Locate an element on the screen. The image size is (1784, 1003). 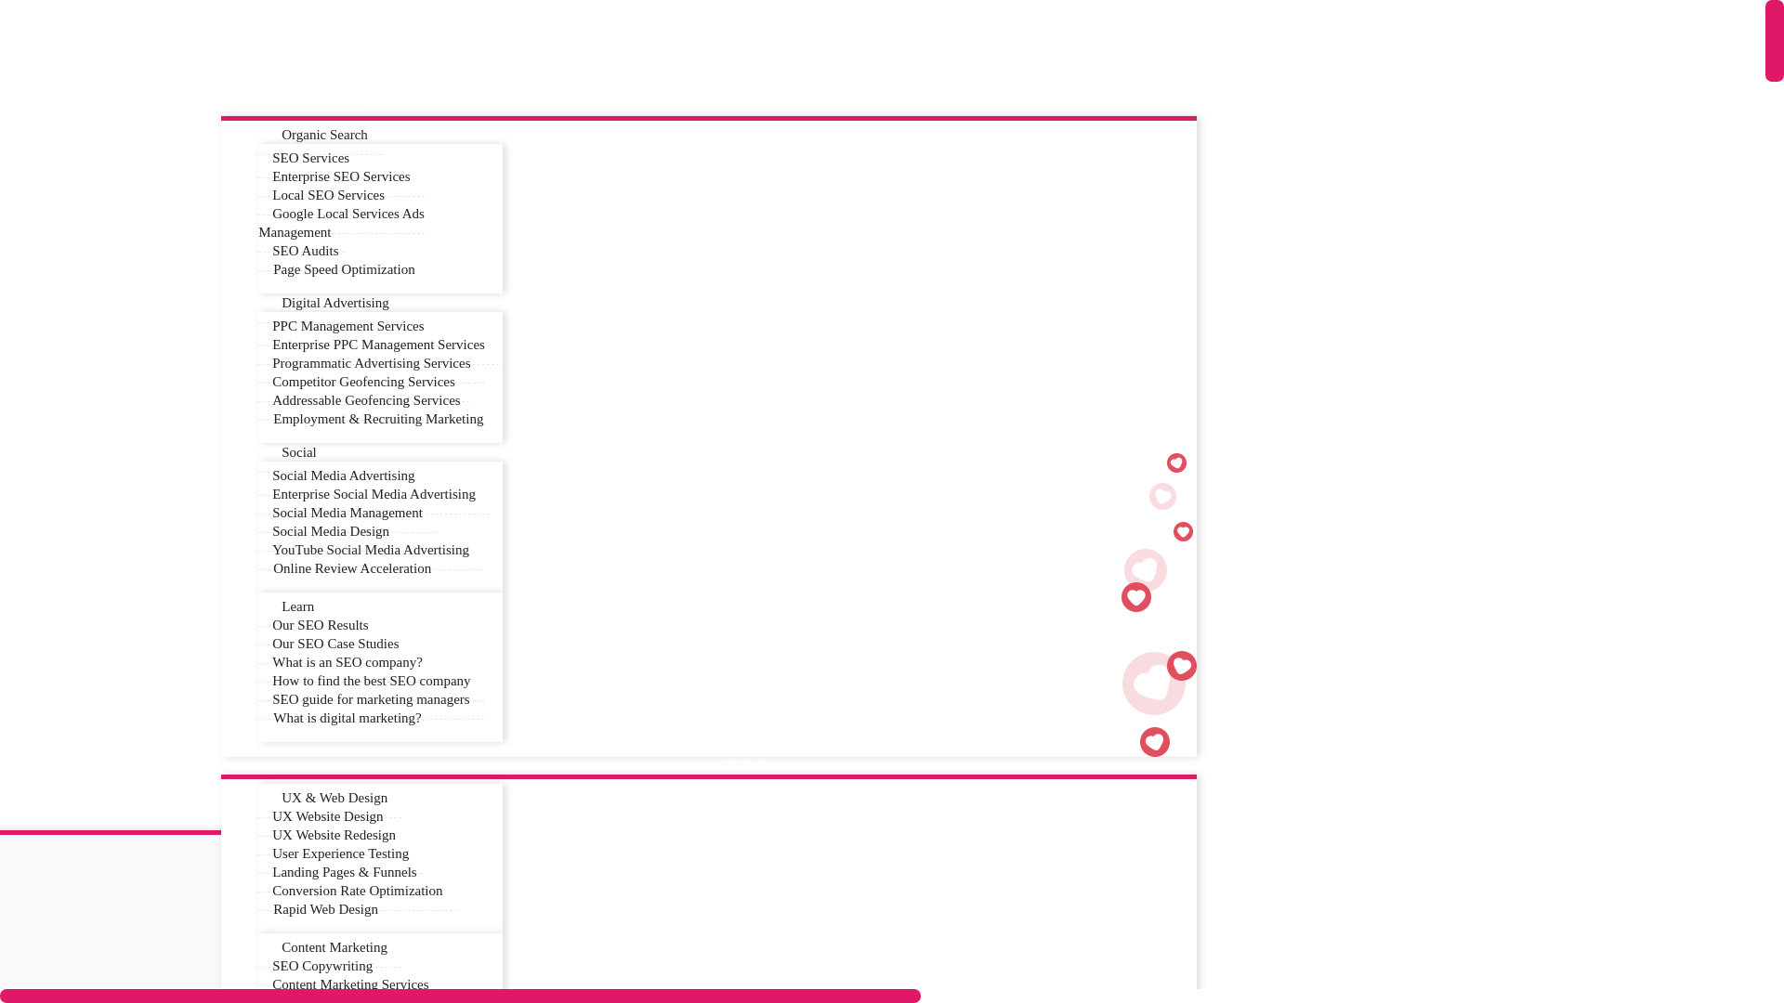
'Enterprise Social Media Advertising' is located at coordinates (373, 493).